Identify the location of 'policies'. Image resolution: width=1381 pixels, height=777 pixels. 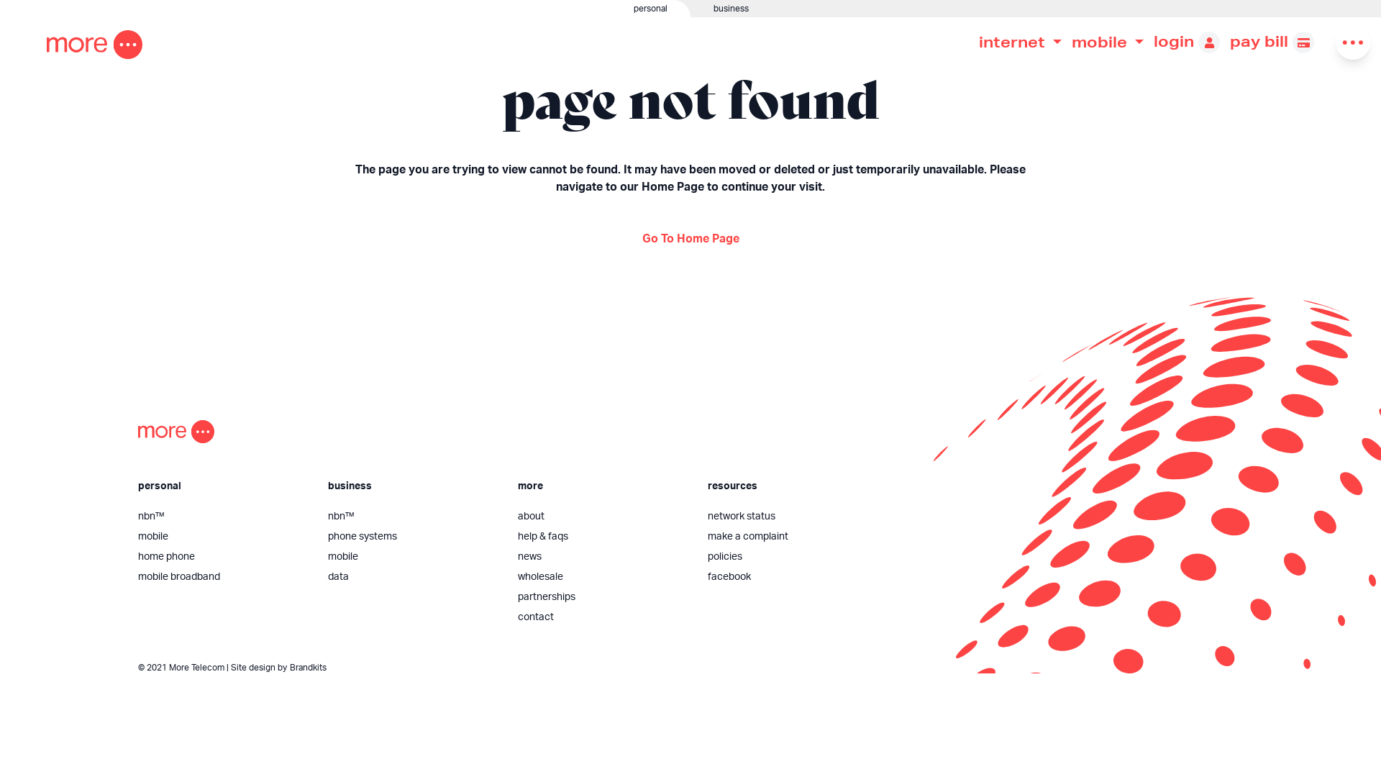
(707, 556).